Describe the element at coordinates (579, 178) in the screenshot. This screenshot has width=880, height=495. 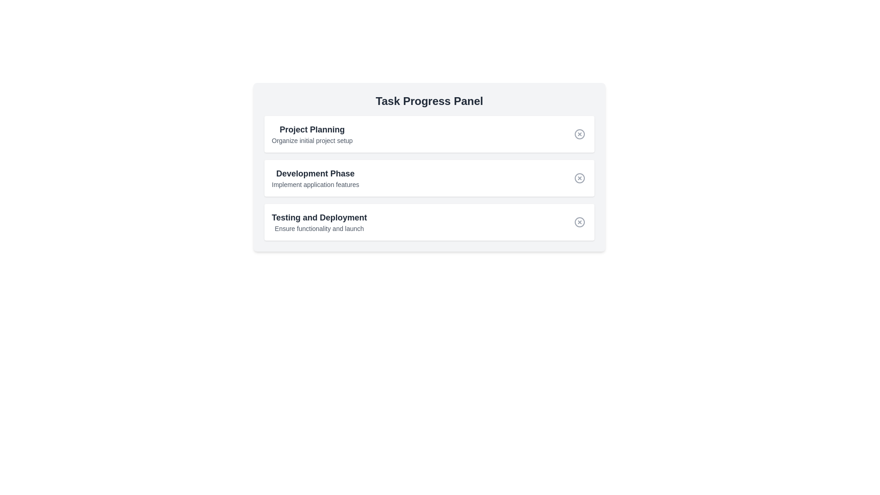
I see `the circular component of the 'cancel' or 'close' SVG icon located to the right of the 'Development Phase' label in the task progress panel` at that location.